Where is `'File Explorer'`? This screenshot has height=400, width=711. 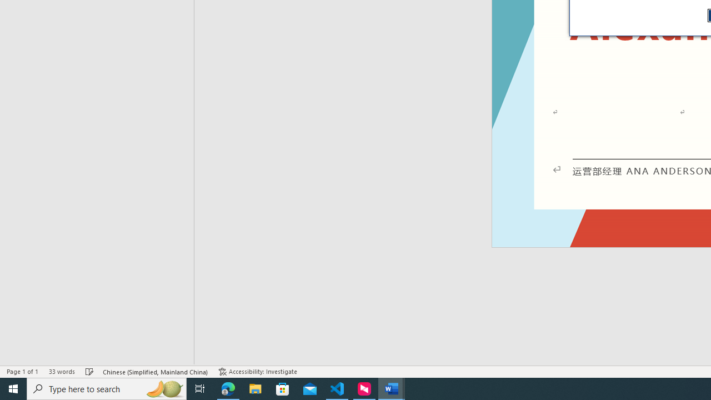
'File Explorer' is located at coordinates (255, 388).